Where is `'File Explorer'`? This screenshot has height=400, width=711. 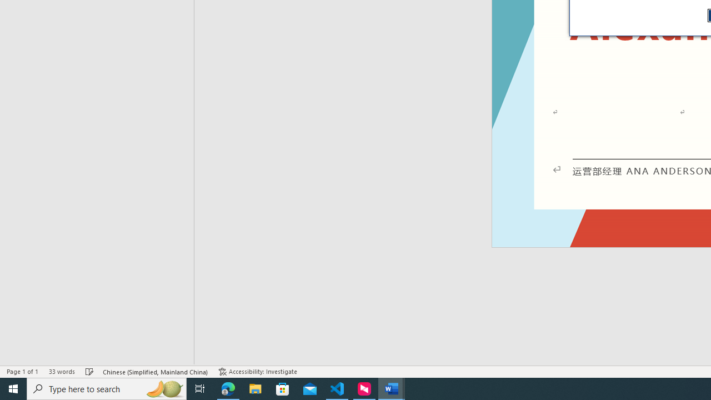
'File Explorer' is located at coordinates (255, 388).